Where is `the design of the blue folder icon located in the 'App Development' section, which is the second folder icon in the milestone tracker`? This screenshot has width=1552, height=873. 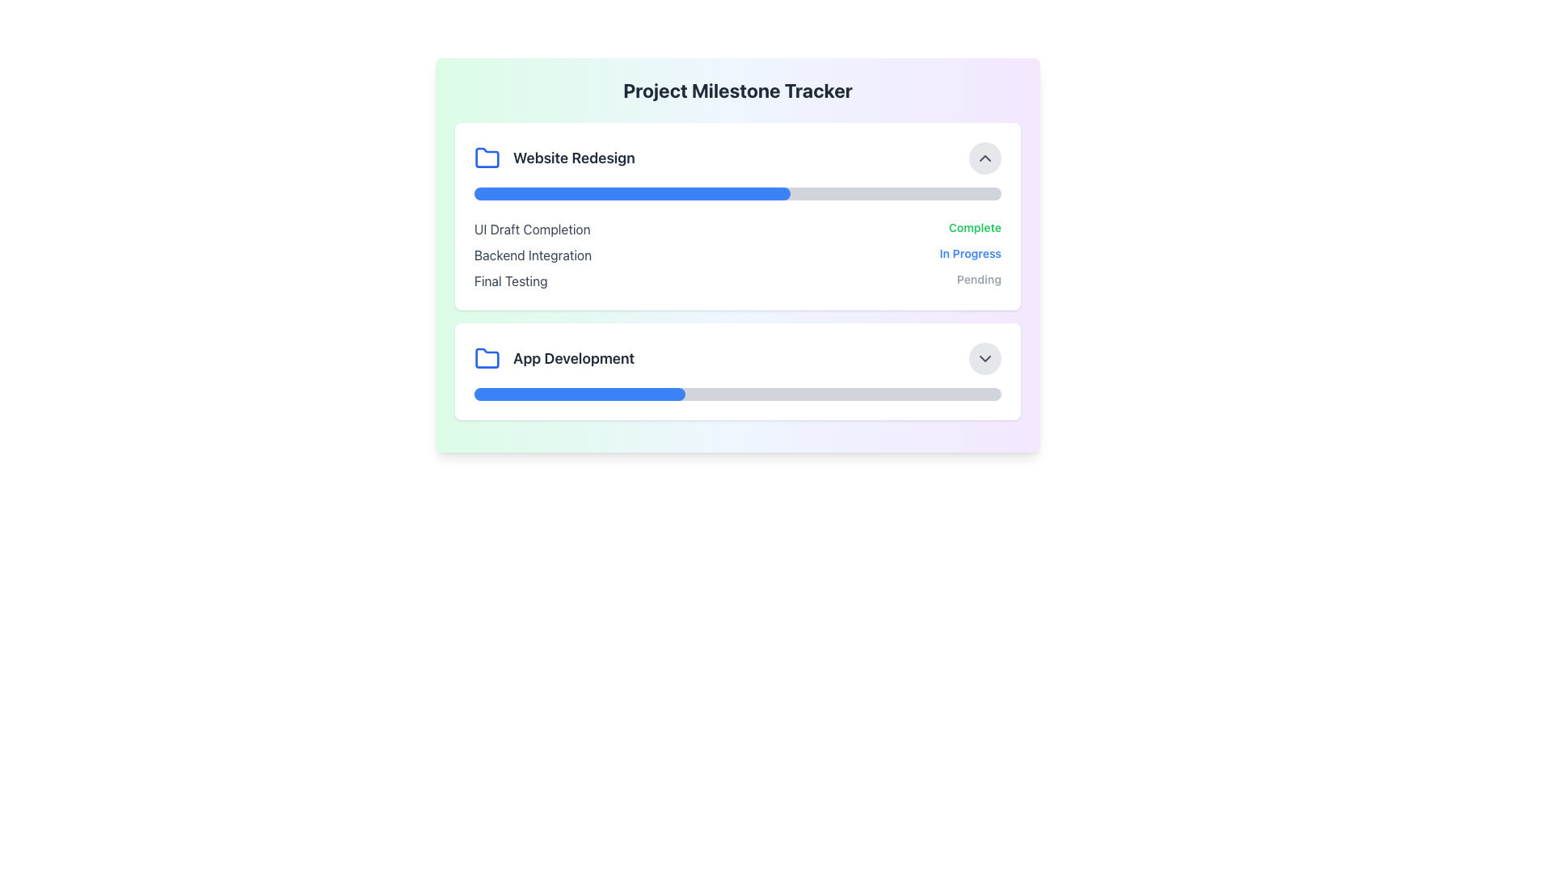 the design of the blue folder icon located in the 'App Development' section, which is the second folder icon in the milestone tracker is located at coordinates (487, 158).